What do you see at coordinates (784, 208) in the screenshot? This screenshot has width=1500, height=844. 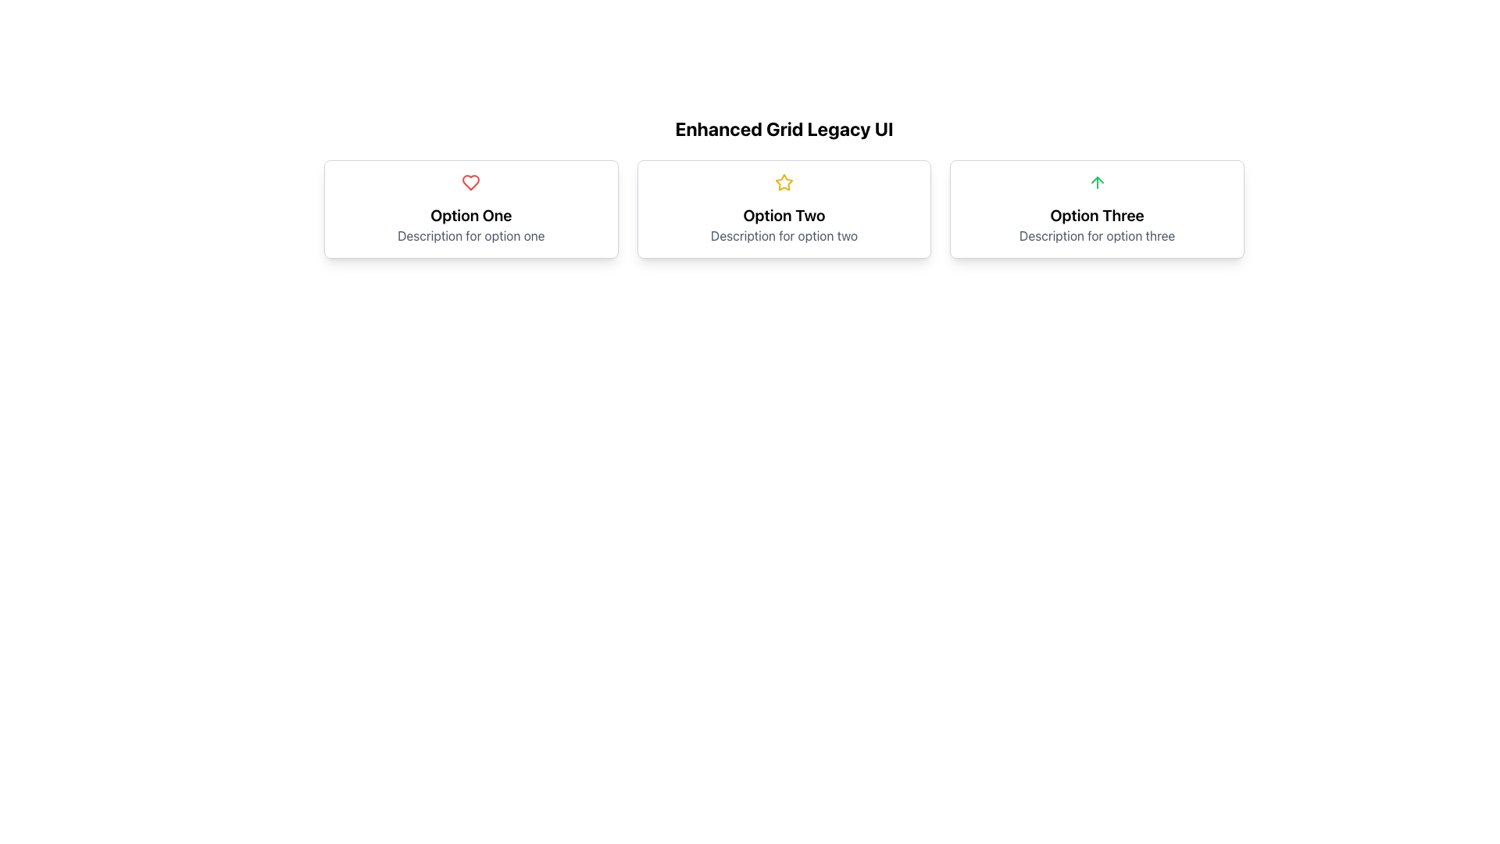 I see `information displayed on the 'Option Two' Card UI component, which is located in the middle of a three-part grid layout` at bounding box center [784, 208].